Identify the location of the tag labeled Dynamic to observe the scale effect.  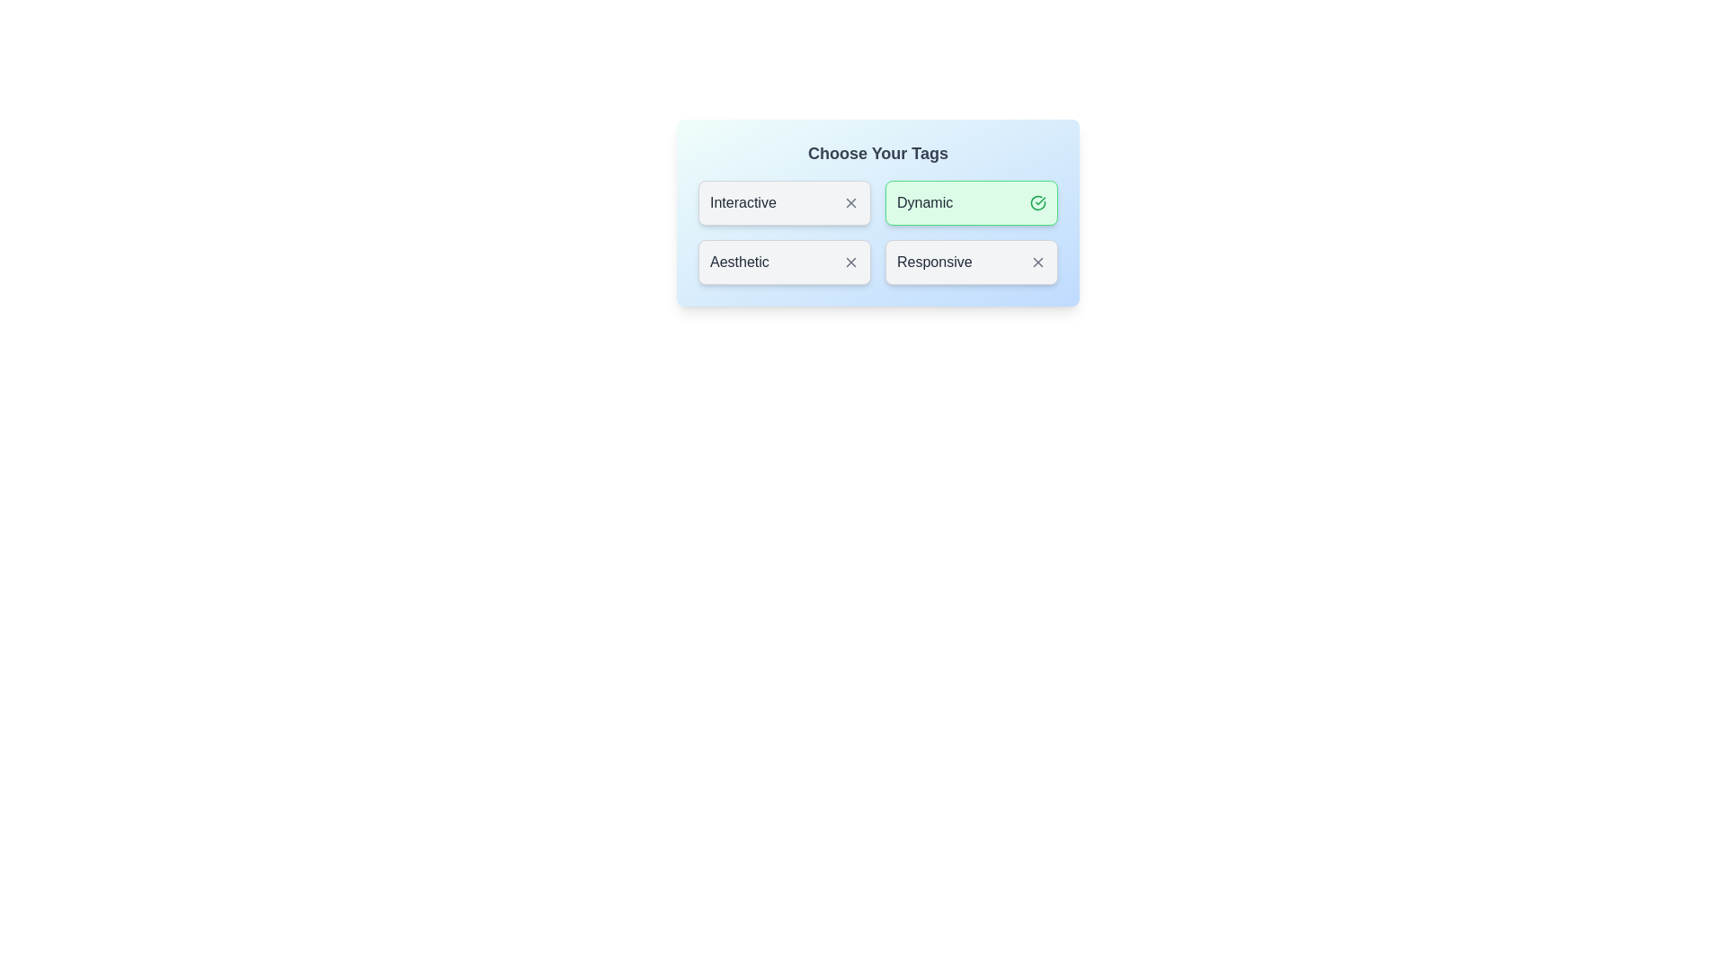
(970, 202).